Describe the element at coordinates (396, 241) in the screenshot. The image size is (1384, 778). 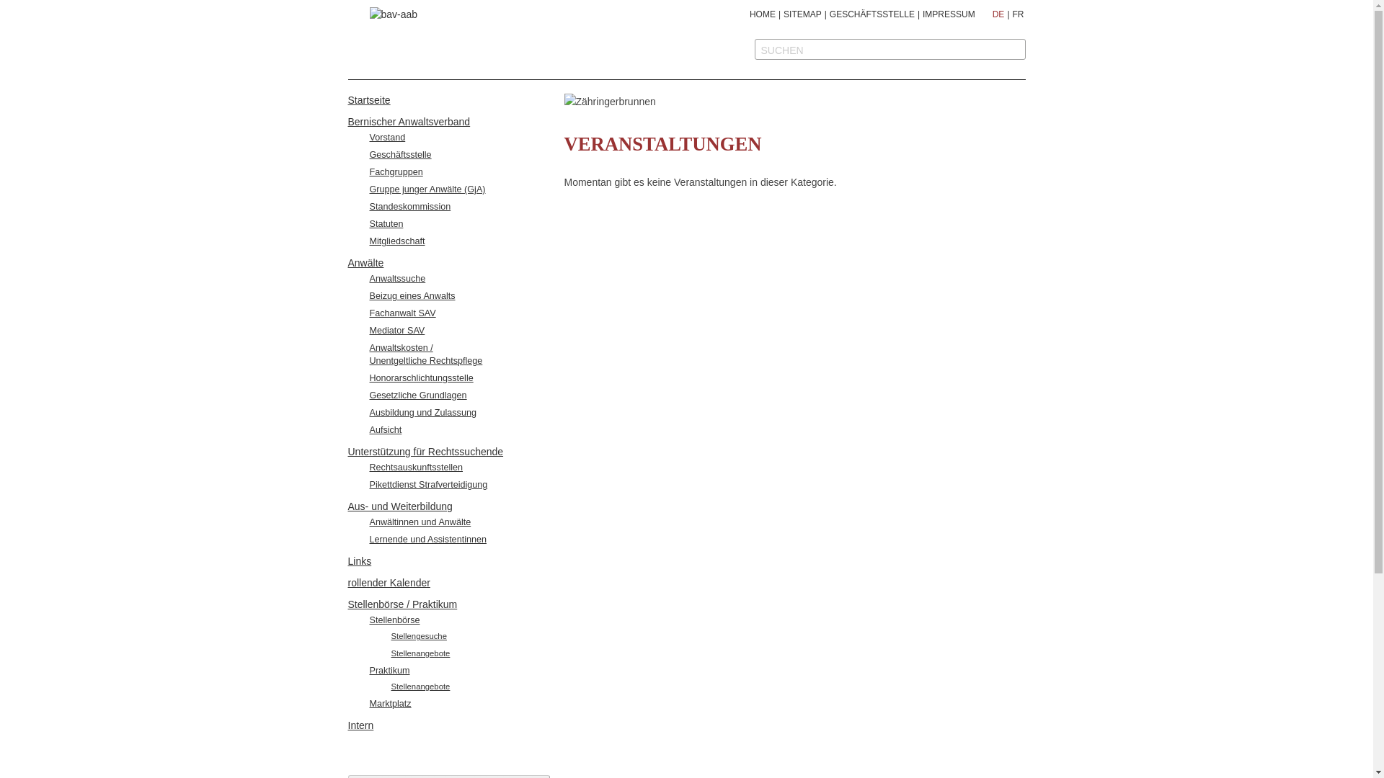
I see `'Mitgliedschaft'` at that location.